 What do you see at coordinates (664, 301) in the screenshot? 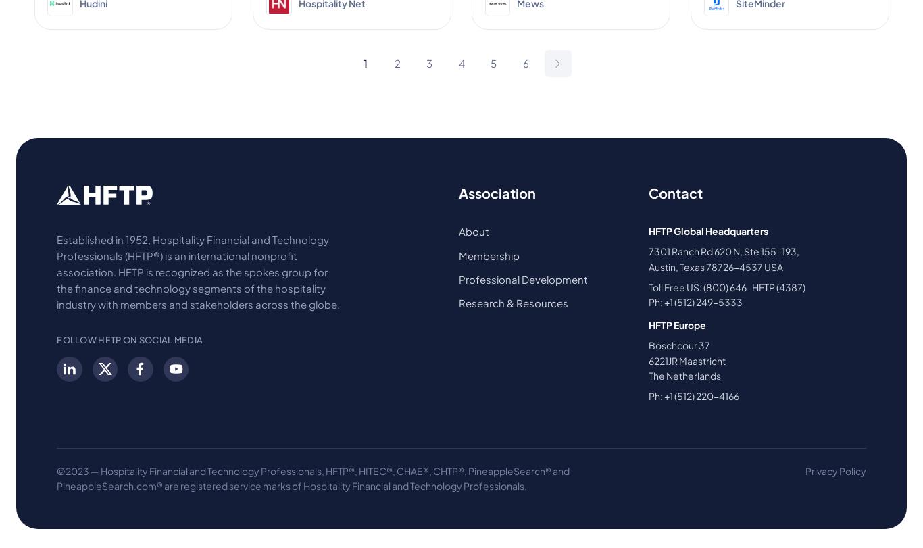
I see `'+1 (512) 249-5333'` at bounding box center [664, 301].